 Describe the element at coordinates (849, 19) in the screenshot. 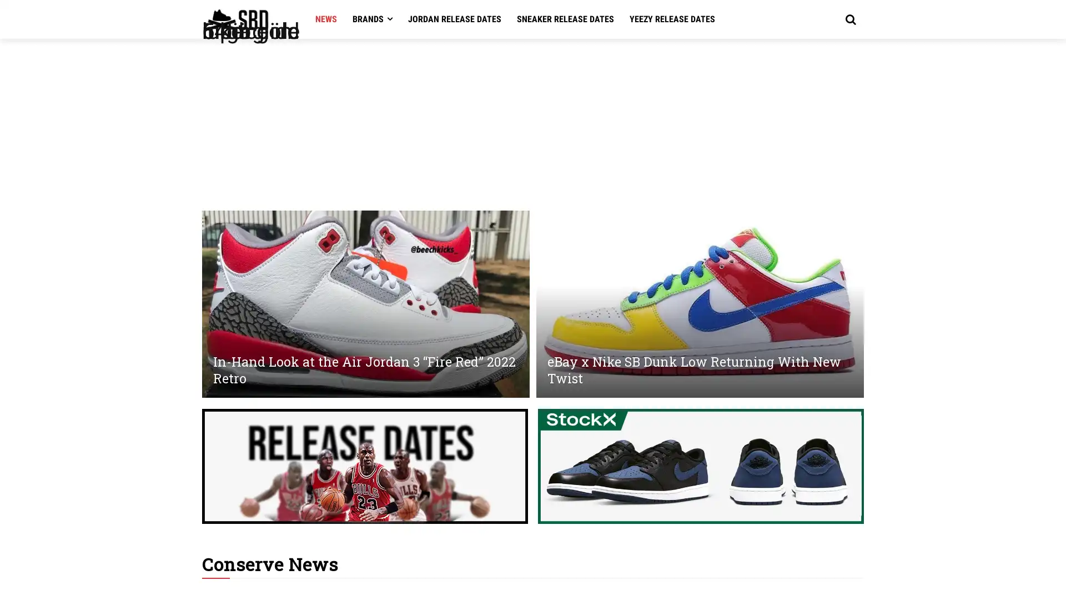

I see `Search` at that location.